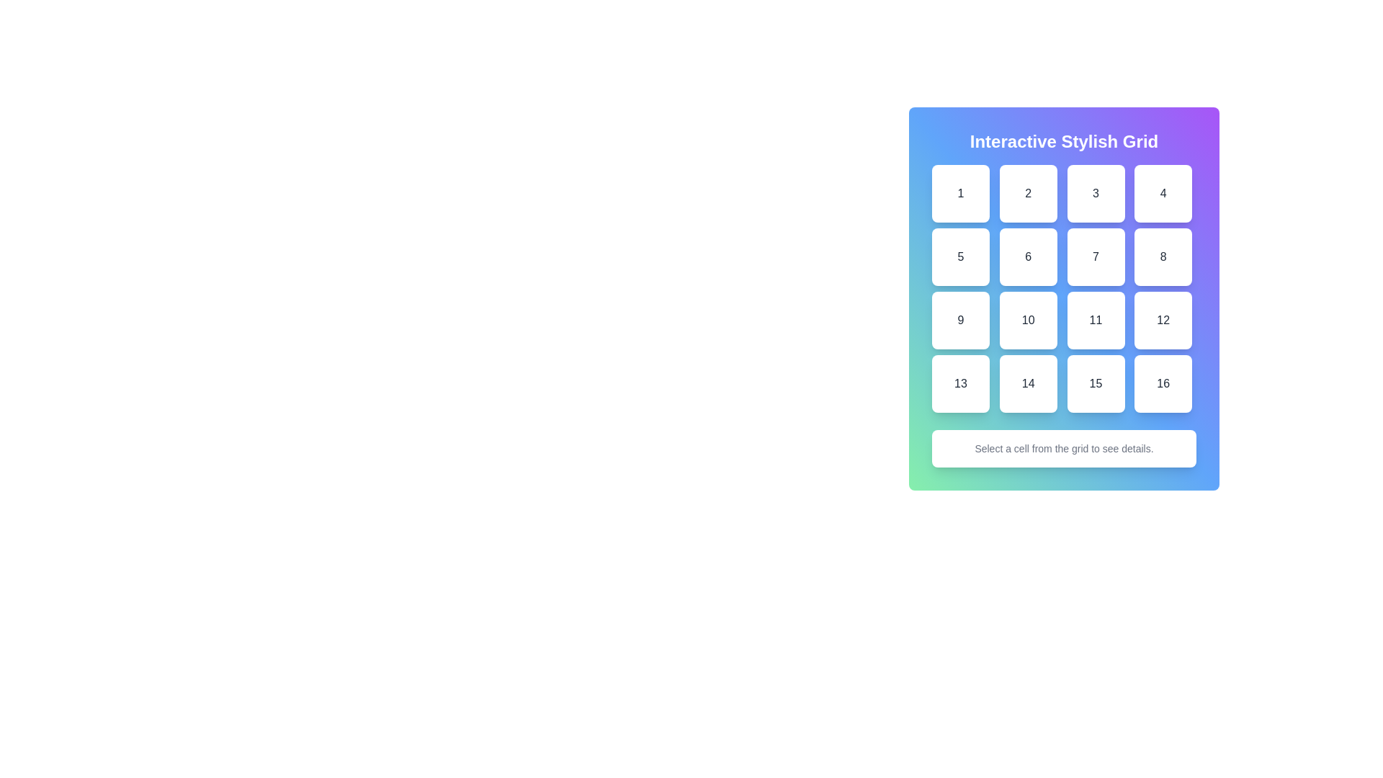  I want to click on the interactive button that triggers an action related to the number '7' in the second row and third column of the 4x4 grid layout to observe the scale effect, so click(1095, 256).